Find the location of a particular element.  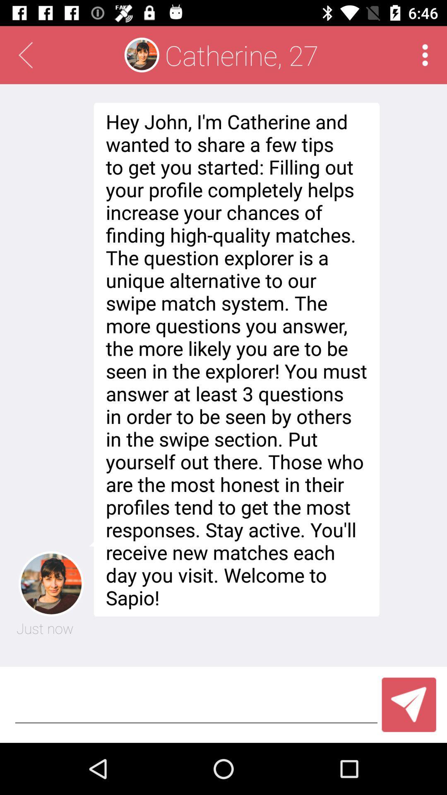

item next to the catherine, 27 is located at coordinates (425, 55).